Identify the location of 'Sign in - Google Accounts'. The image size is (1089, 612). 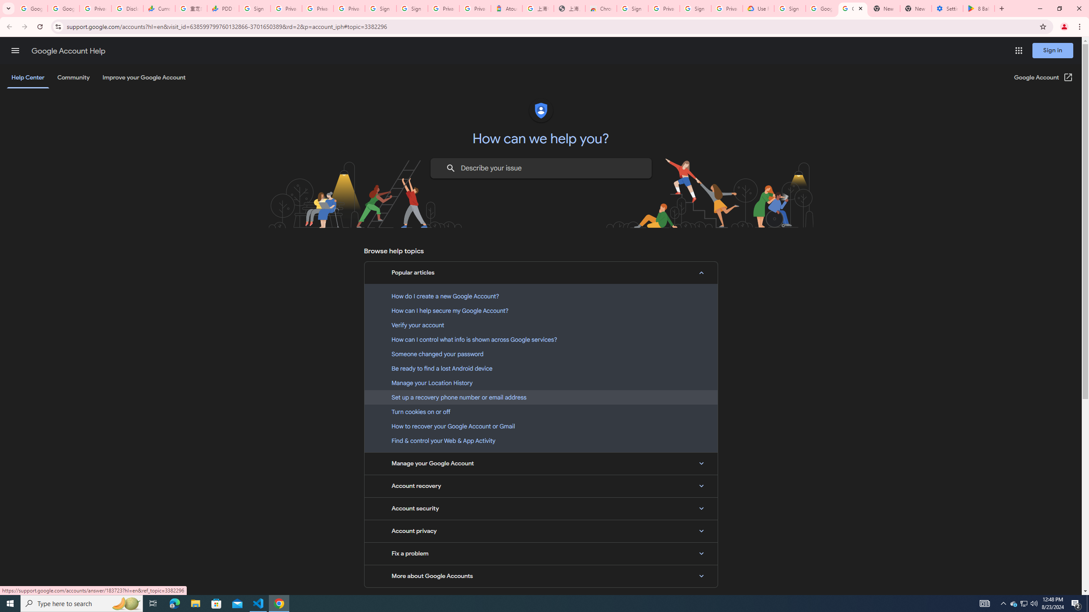
(381, 8).